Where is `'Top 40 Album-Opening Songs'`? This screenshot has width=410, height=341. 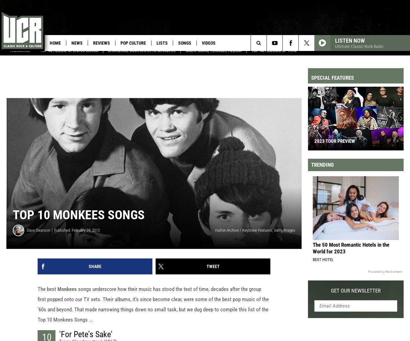
'Top 40 Album-Opening Songs' is located at coordinates (69, 56).